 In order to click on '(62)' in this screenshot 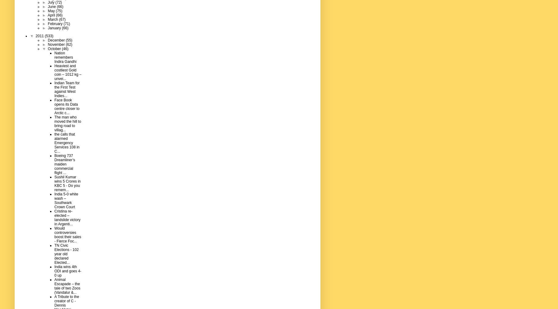, I will do `click(69, 44)`.